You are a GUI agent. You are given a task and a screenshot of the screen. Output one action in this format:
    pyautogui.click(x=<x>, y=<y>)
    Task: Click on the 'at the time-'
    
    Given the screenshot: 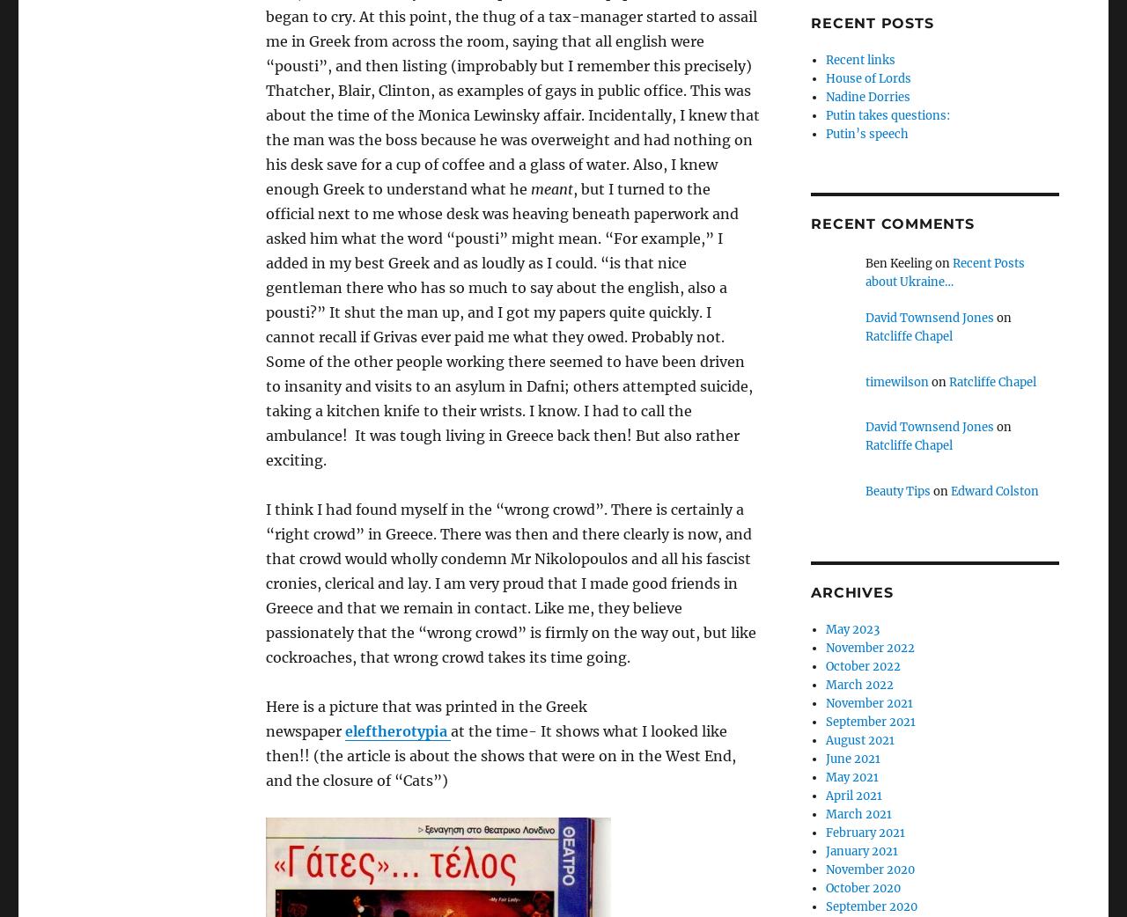 What is the action you would take?
    pyautogui.click(x=494, y=730)
    